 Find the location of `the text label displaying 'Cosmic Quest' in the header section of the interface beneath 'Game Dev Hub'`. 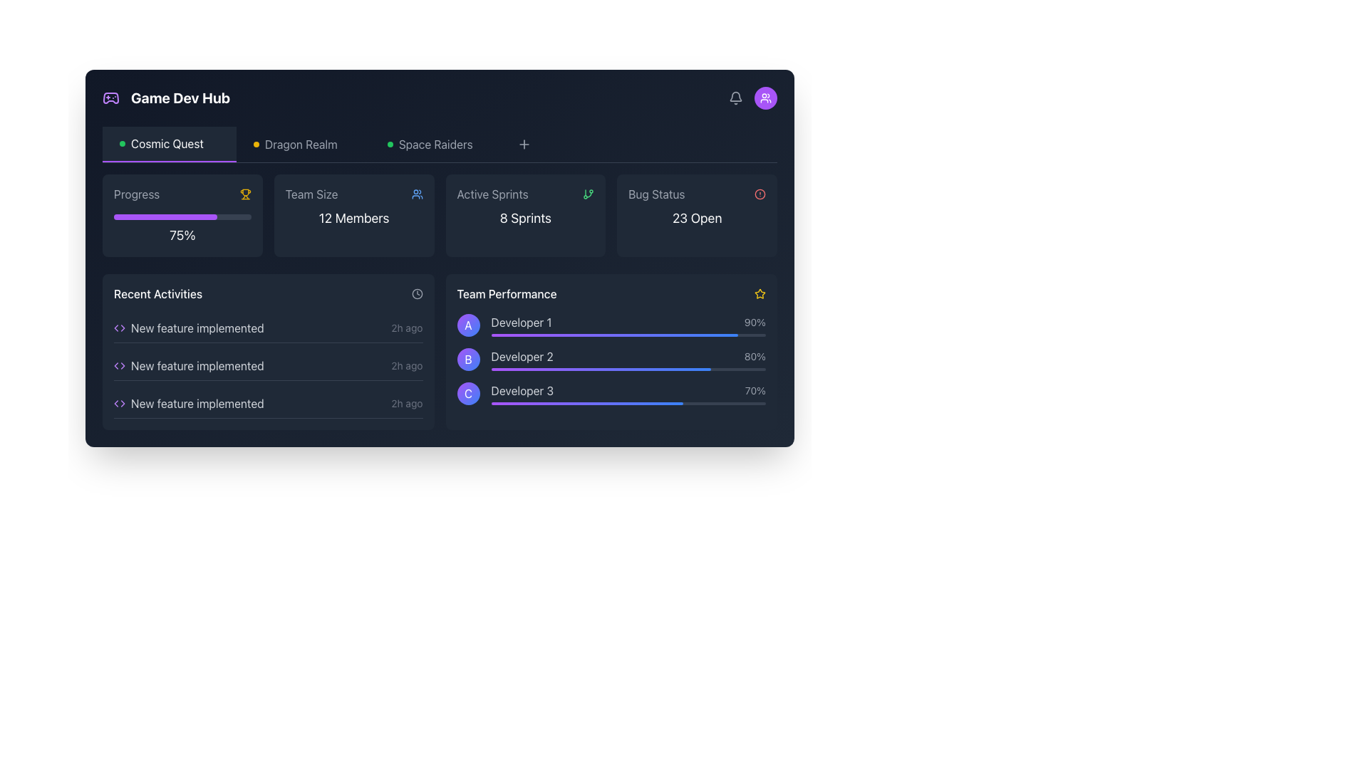

the text label displaying 'Cosmic Quest' in the header section of the interface beneath 'Game Dev Hub' is located at coordinates (161, 143).